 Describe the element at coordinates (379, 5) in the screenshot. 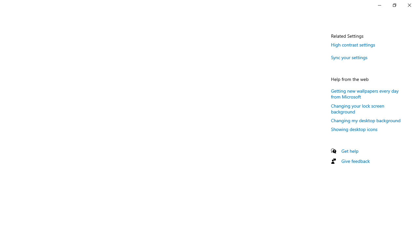

I see `'Minimize Settings'` at that location.